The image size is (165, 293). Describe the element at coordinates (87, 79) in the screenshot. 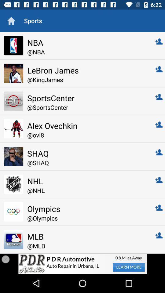

I see `@kingjames` at that location.